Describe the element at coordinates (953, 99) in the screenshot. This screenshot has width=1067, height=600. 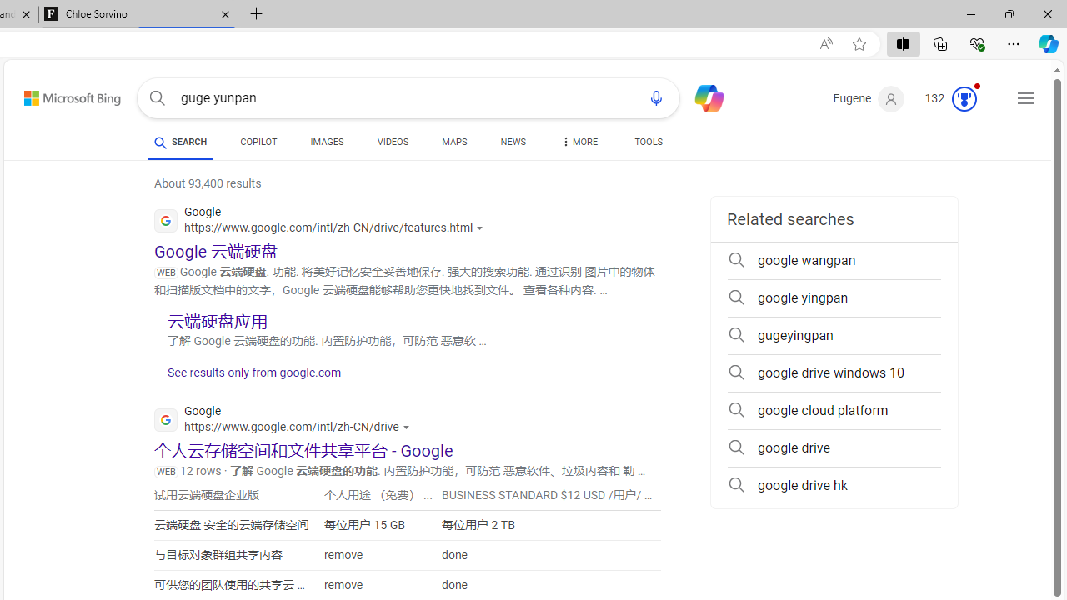
I see `'Microsoft Rewards 123'` at that location.